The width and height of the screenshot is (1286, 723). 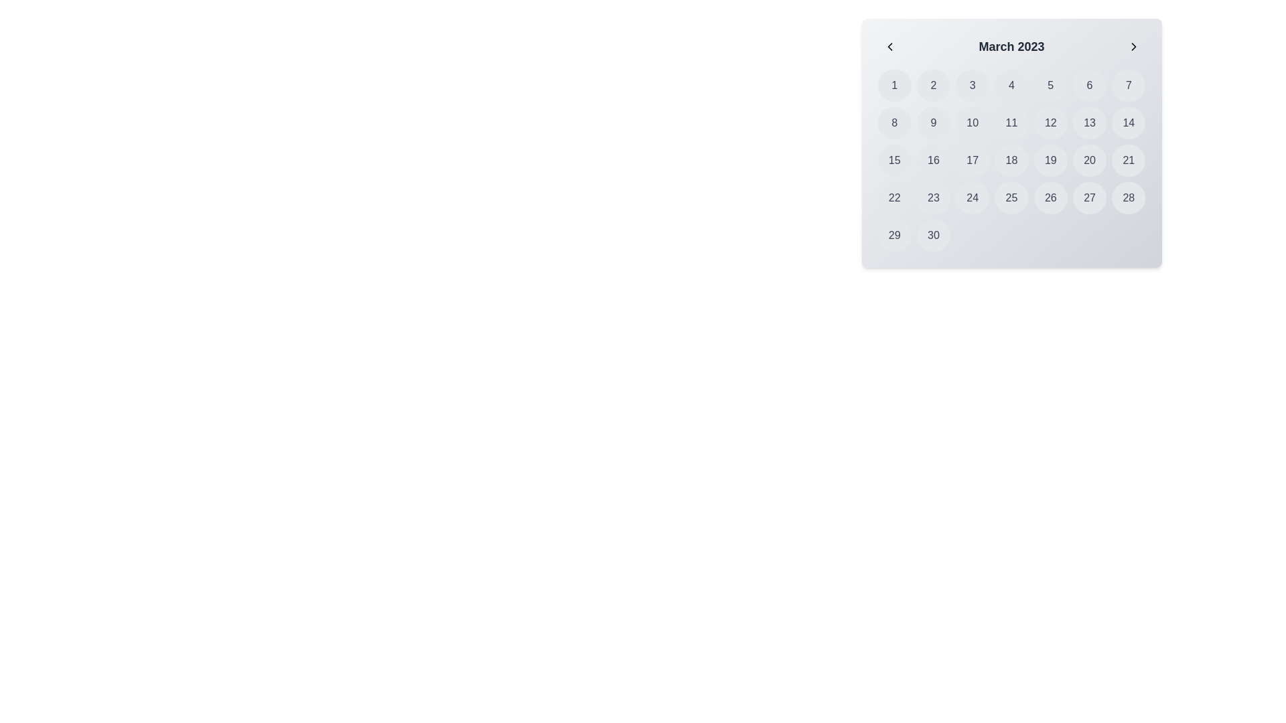 I want to click on the Calendar Date Button located at the bottom row and first column of the calendar grid, so click(x=894, y=234).